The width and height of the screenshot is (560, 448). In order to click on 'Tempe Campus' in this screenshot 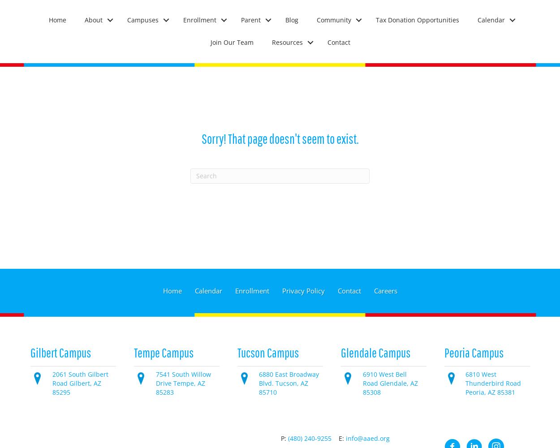, I will do `click(163, 352)`.